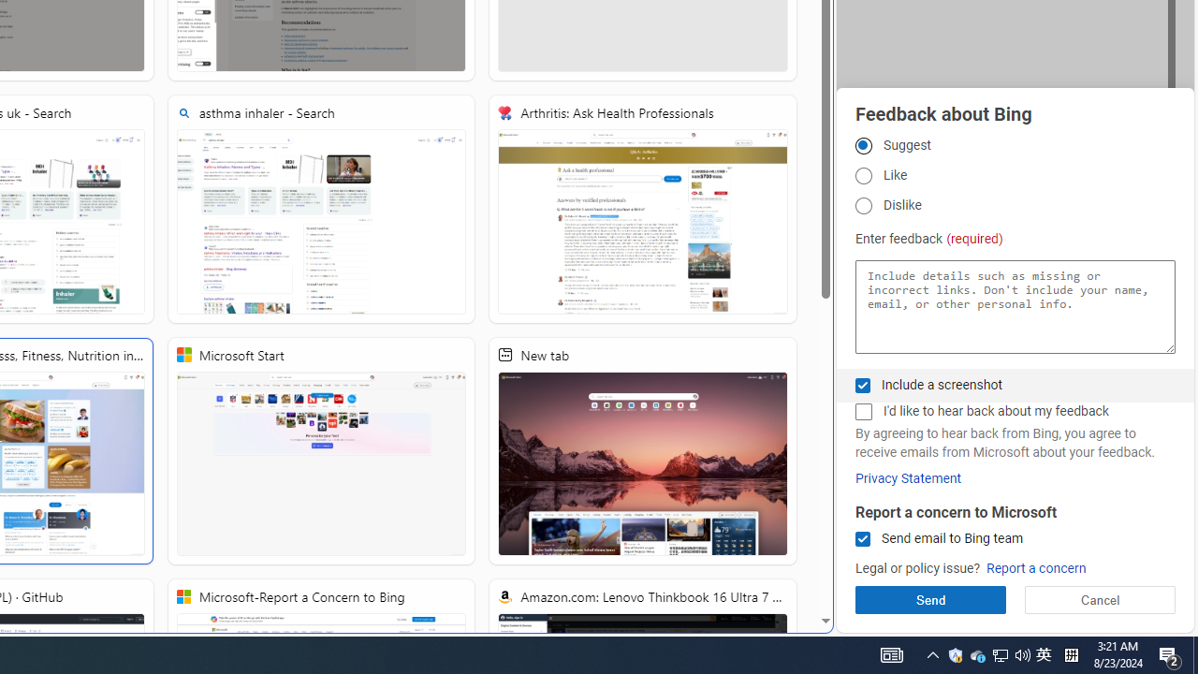  Describe the element at coordinates (1100, 599) in the screenshot. I see `'Cancel'` at that location.